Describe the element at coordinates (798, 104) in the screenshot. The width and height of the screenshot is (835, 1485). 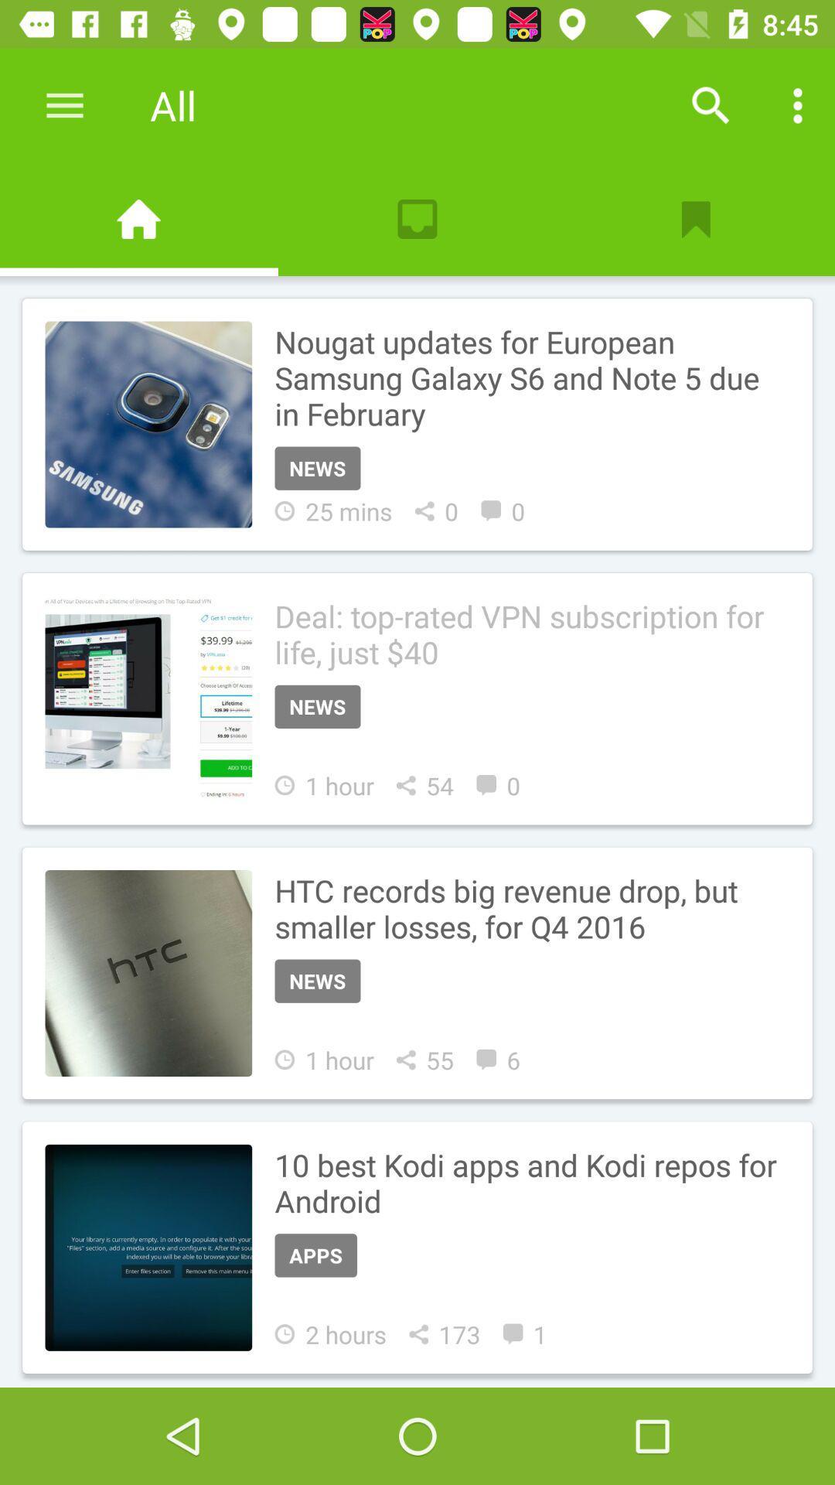
I see `the more icon` at that location.